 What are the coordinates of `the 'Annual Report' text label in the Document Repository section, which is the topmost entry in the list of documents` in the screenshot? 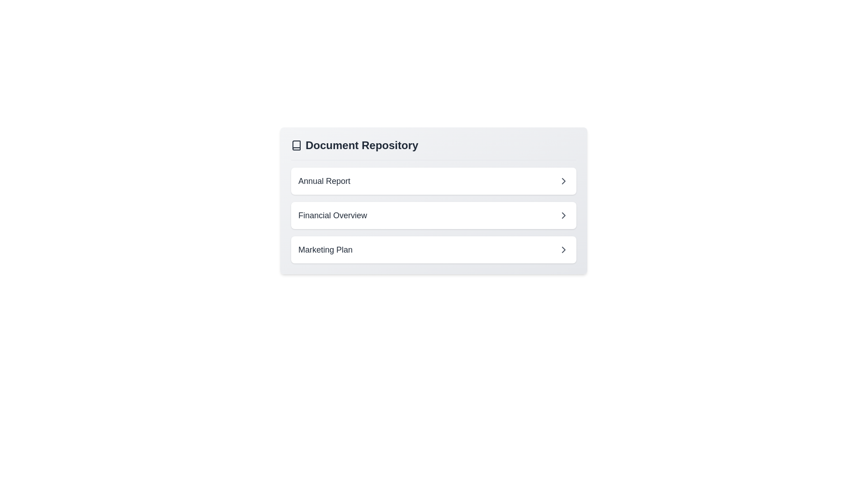 It's located at (324, 181).